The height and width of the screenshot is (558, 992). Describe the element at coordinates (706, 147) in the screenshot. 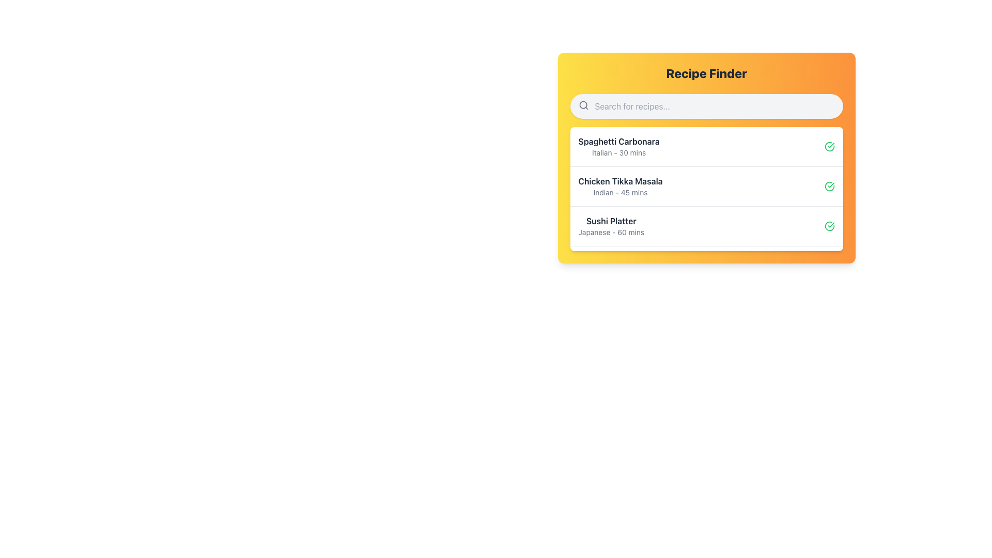

I see `the first recipe list item under the 'Recipe Finder' title` at that location.